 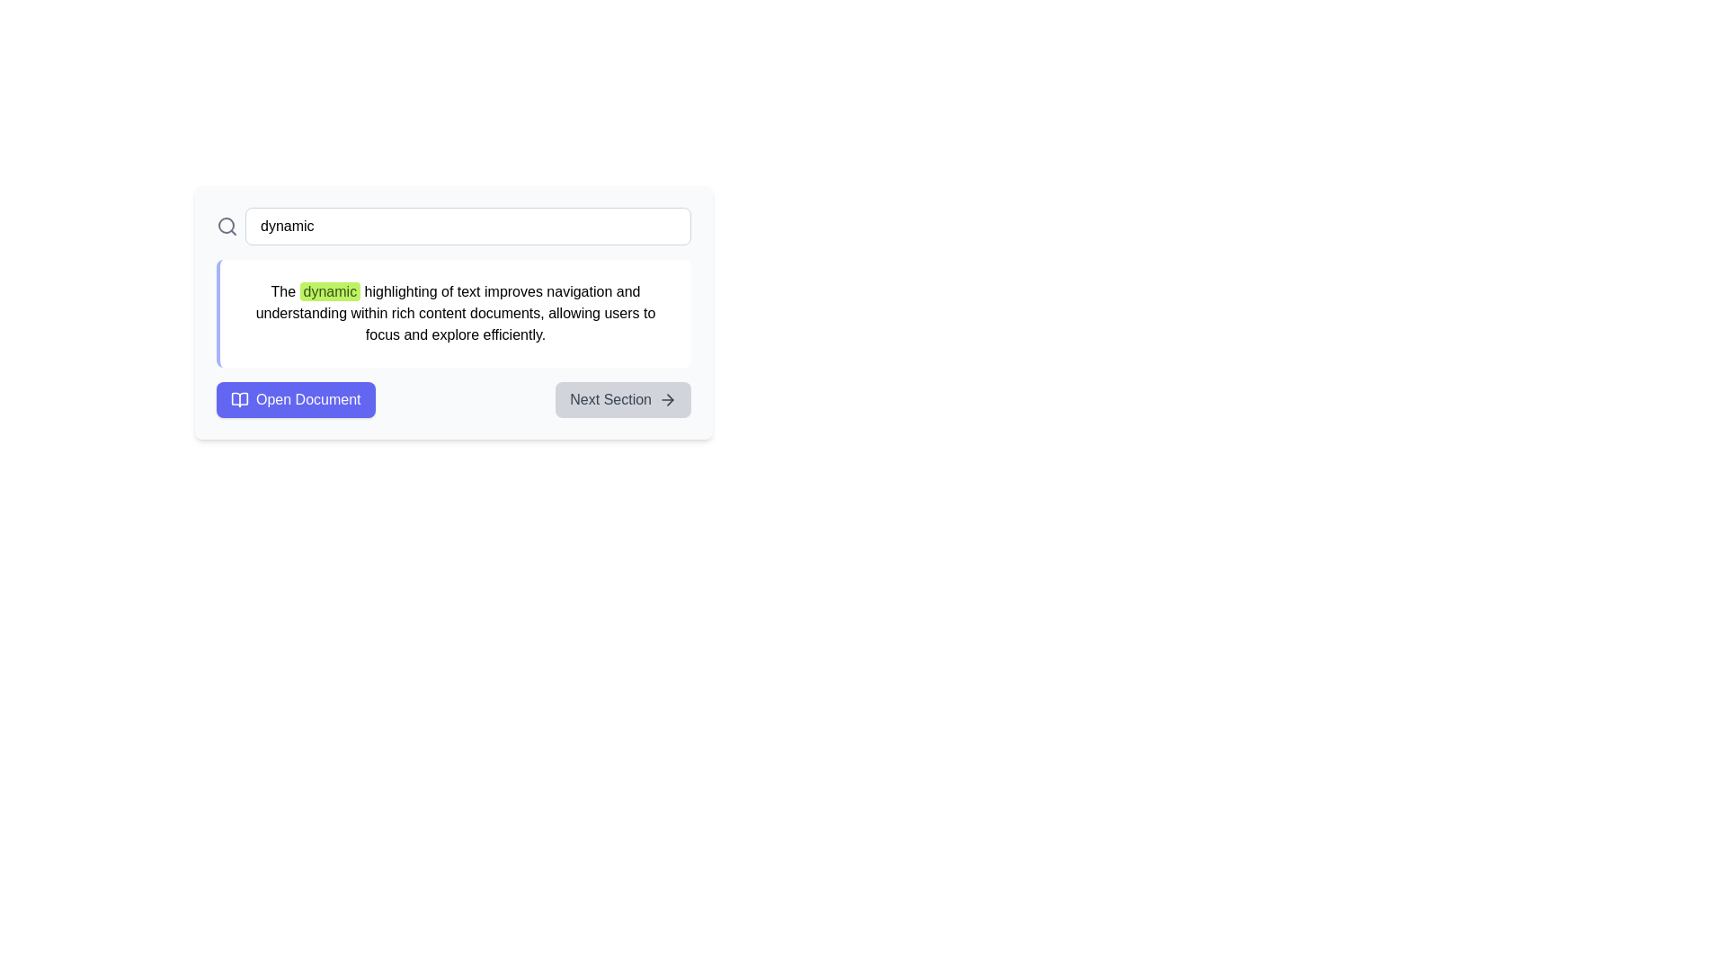 What do you see at coordinates (453, 312) in the screenshot?
I see `content from the Descriptive Text Box, which is a white rectangular box with a vertical indigo stripe, located beneath the search bar and above the 'Open Document' and 'Next Section' buttons` at bounding box center [453, 312].